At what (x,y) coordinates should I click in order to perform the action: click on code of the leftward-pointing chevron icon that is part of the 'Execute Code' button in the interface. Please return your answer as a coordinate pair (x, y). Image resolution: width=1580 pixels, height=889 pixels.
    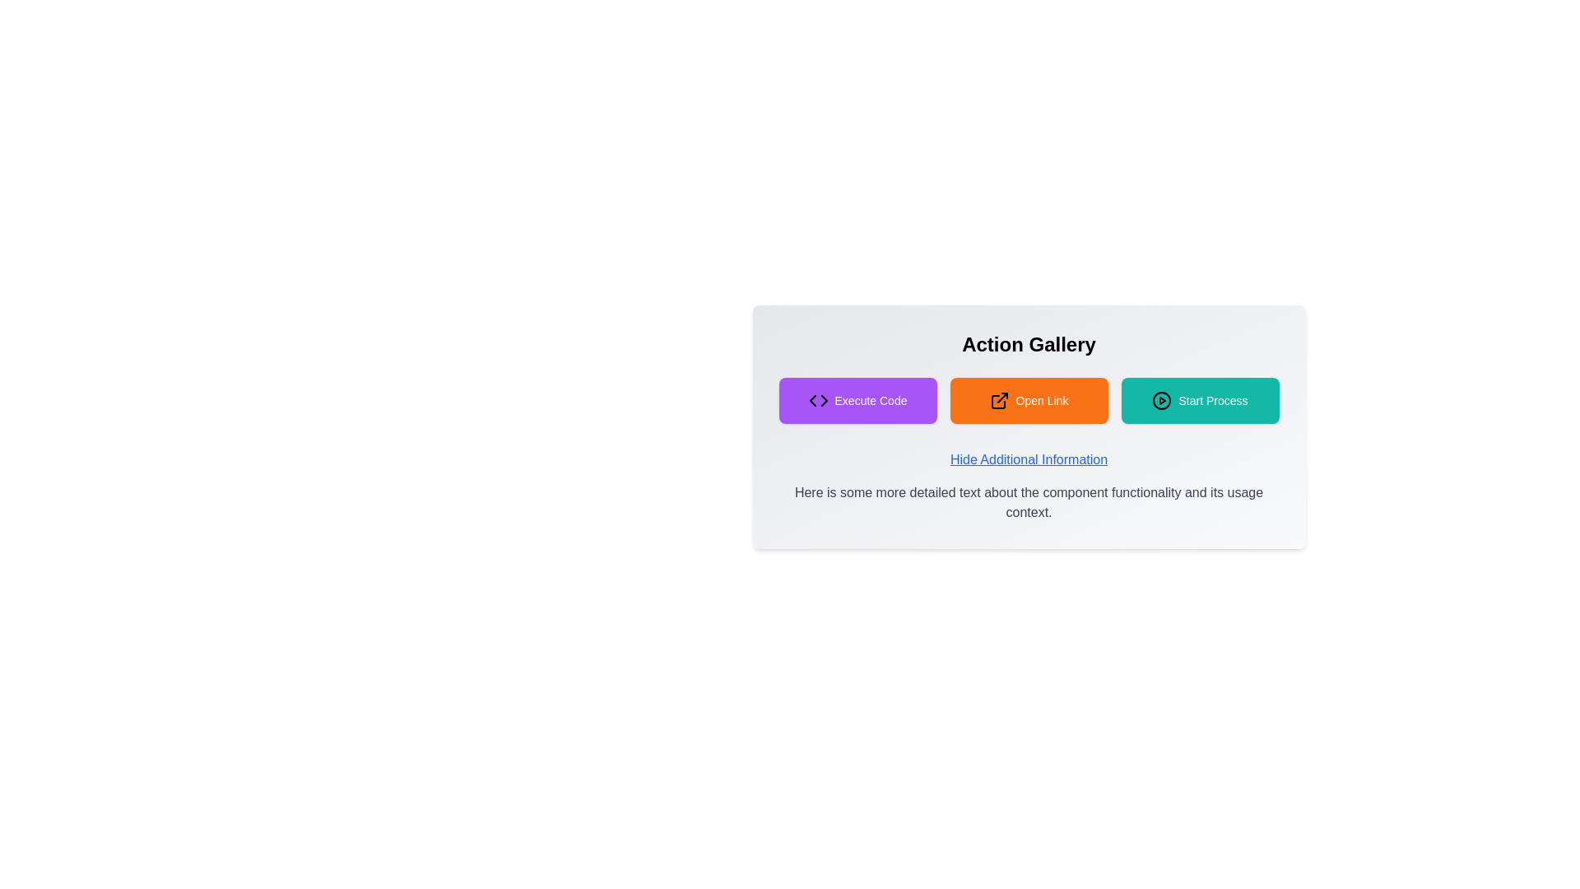
    Looking at the image, I should click on (812, 400).